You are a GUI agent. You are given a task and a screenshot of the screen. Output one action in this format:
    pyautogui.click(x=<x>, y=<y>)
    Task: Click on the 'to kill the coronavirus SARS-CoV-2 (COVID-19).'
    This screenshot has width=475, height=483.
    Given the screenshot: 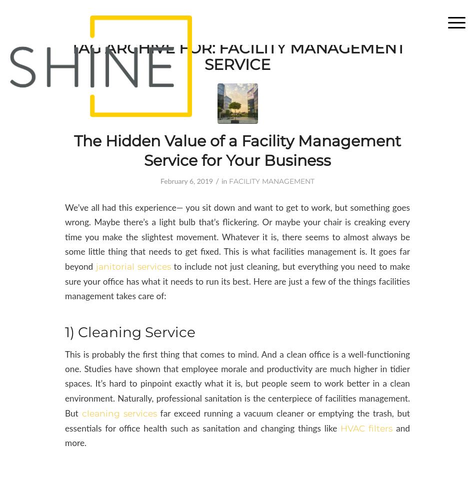 What is the action you would take?
    pyautogui.click(x=135, y=21)
    